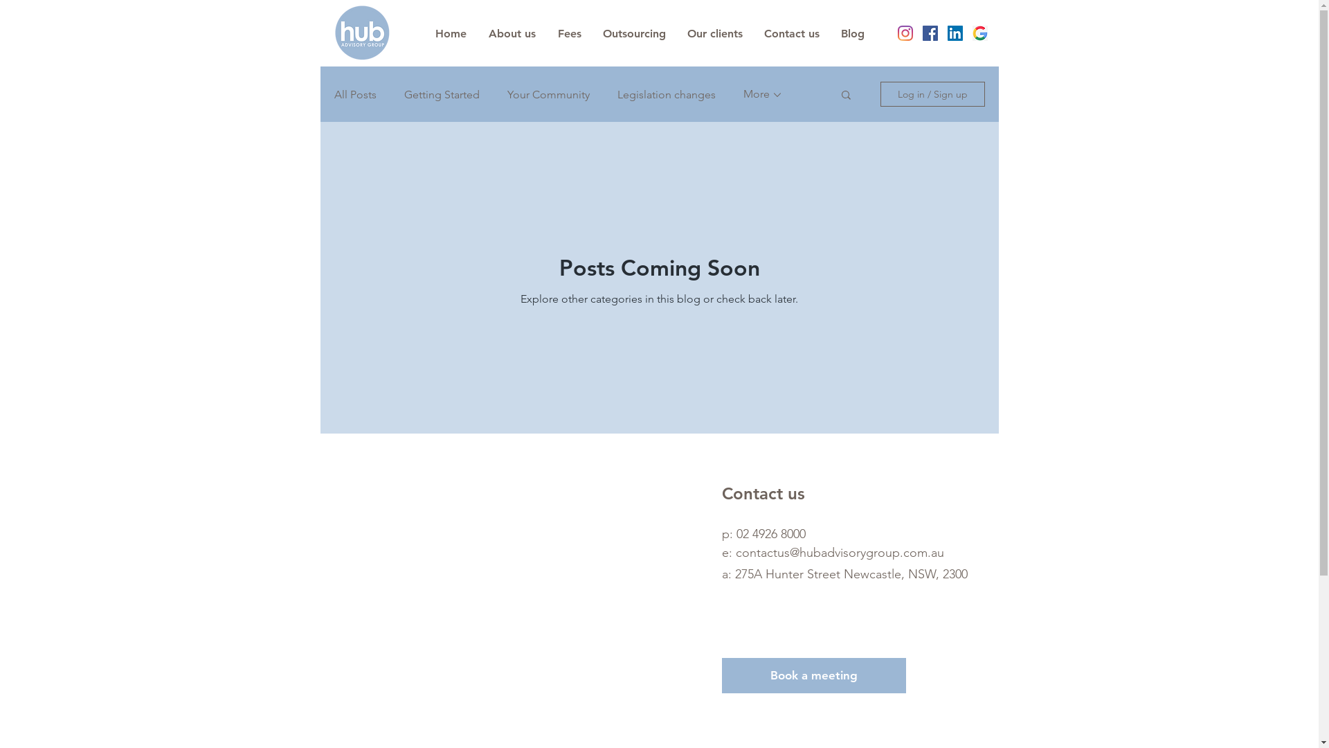  I want to click on 'Google Maps', so click(519, 589).